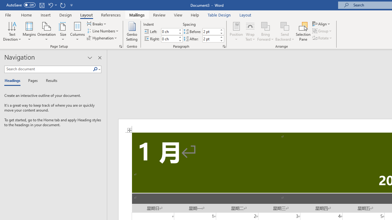 The height and width of the screenshot is (220, 392). I want to click on 'Bring Forward', so click(266, 31).